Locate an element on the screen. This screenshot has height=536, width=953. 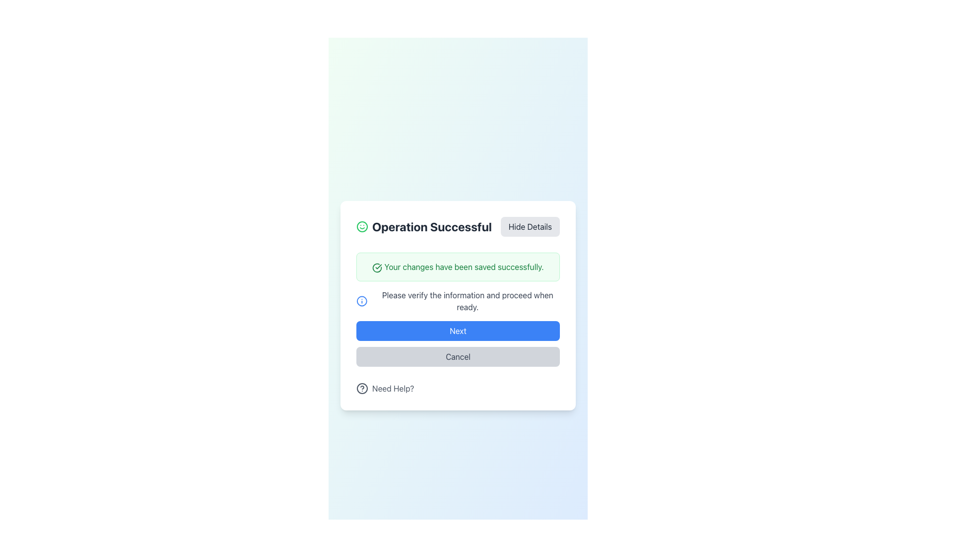
the interactive button located to the right of the text 'Operation Successful' is located at coordinates (530, 226).